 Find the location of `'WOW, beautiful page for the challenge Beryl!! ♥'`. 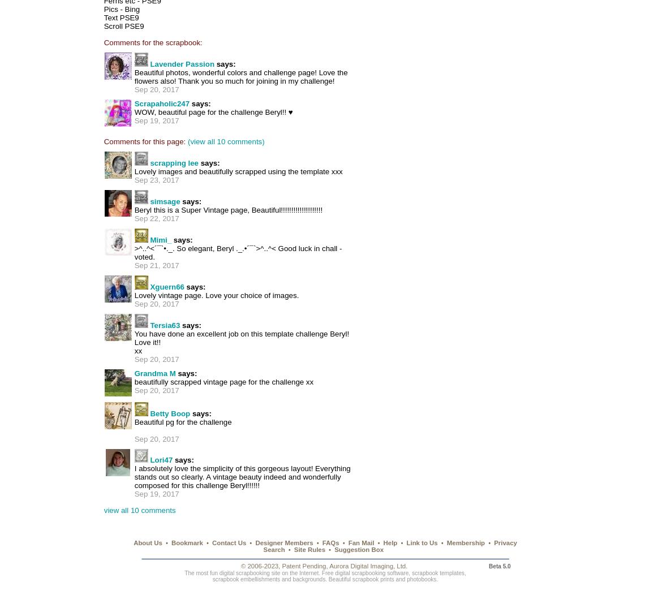

'WOW, beautiful page for the challenge Beryl!! ♥' is located at coordinates (212, 112).